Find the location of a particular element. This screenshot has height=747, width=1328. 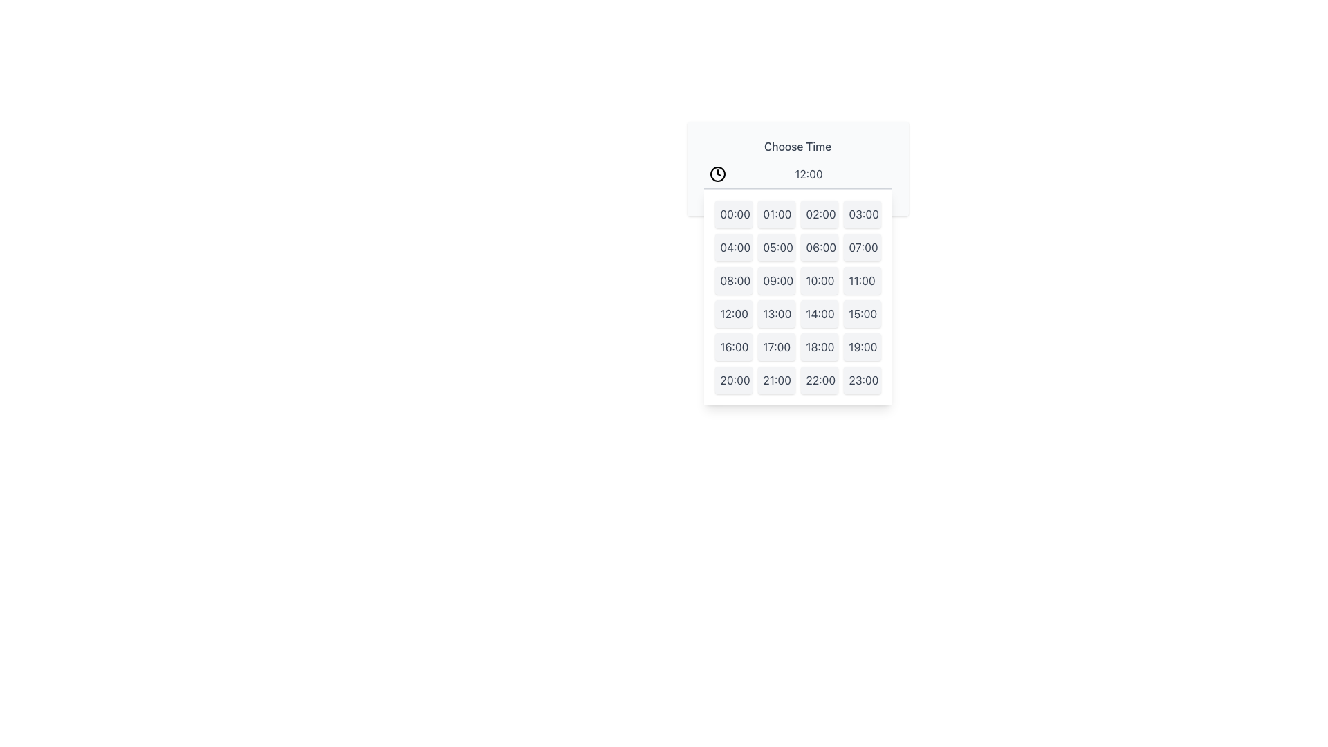

the selectable option labeled '00:00' is located at coordinates (732, 214).